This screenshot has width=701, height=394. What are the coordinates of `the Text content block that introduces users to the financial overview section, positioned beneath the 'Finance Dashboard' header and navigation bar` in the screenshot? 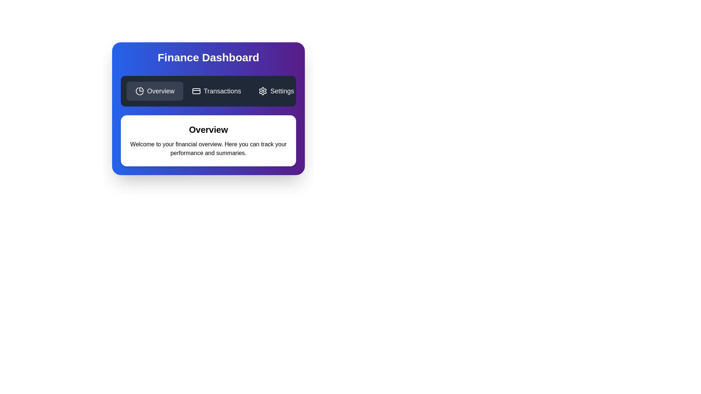 It's located at (208, 140).